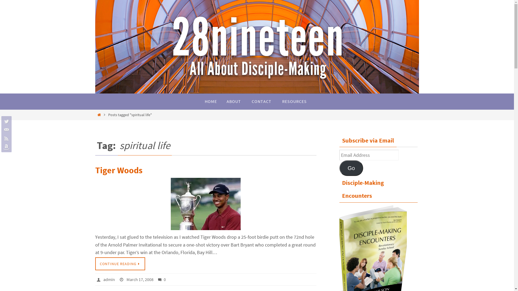  I want to click on 'CONTINUE READING', so click(120, 264).